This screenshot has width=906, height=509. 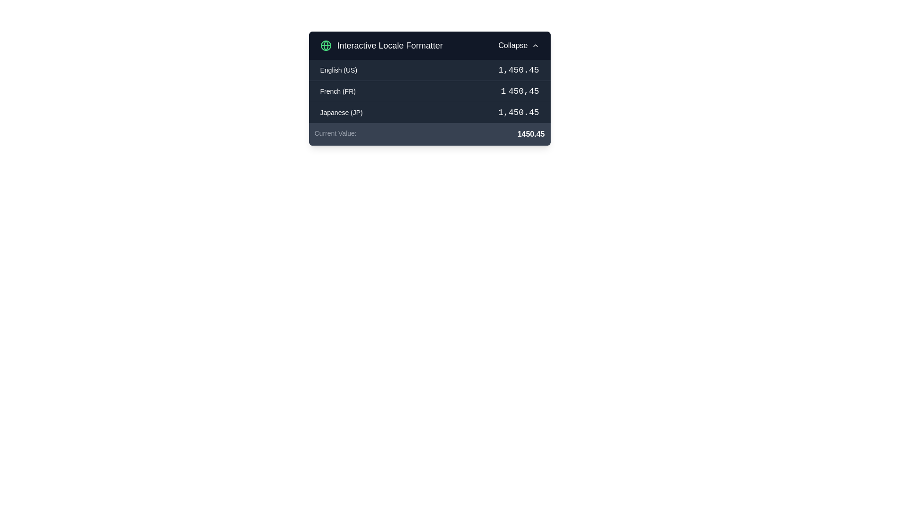 I want to click on the 'Collapse' text label which is in bold white font on a dark blue background, part of the interactive toolbar at the top-right of the dropdown widget, so click(x=512, y=45).